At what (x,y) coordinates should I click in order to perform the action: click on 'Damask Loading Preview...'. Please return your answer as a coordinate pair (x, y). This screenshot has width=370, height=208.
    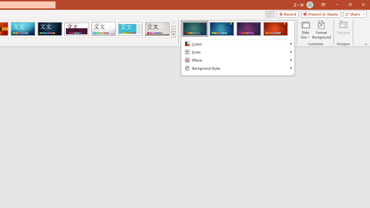
    Looking at the image, I should click on (50, 29).